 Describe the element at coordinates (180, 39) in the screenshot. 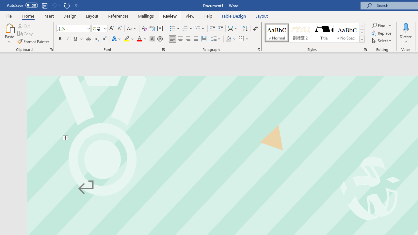

I see `'Center'` at that location.